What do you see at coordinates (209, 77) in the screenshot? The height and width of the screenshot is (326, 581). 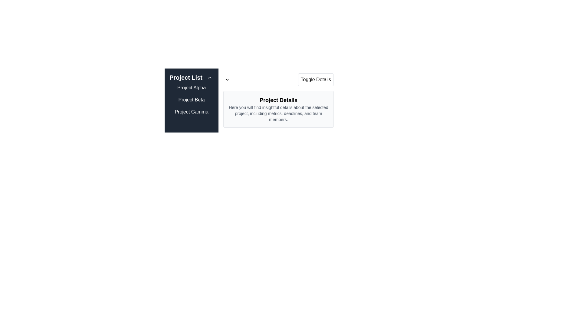 I see `the Chevron Up icon located in the top-right corner of the dark panel titled 'Project List'` at bounding box center [209, 77].